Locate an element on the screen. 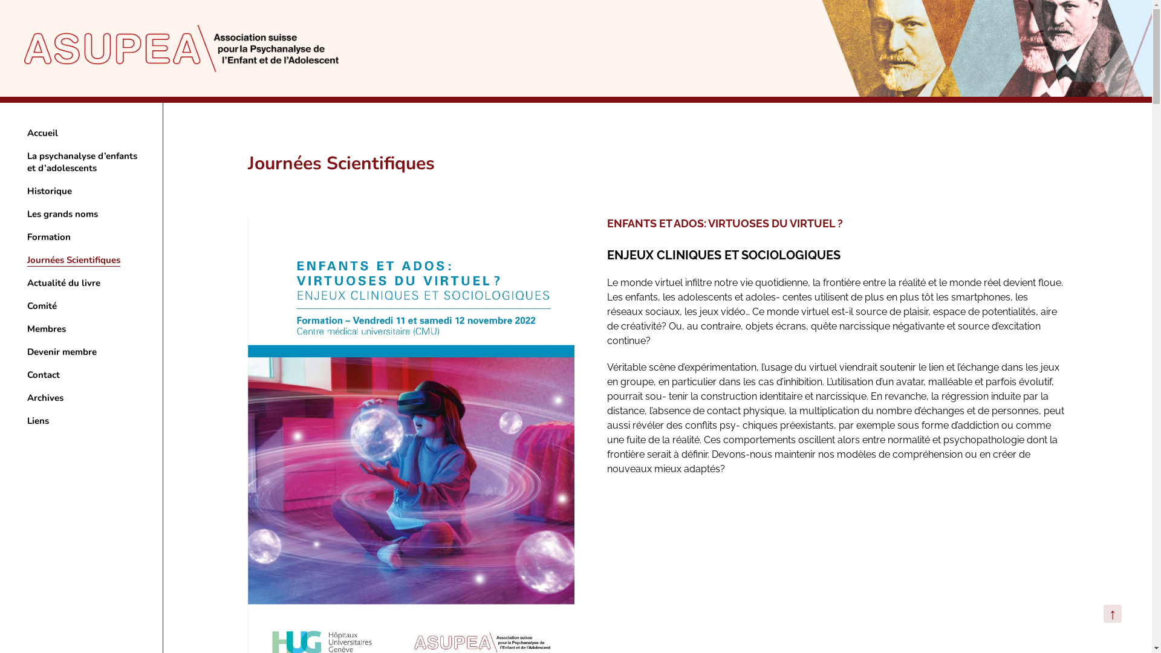 This screenshot has width=1161, height=653. 'Membres' is located at coordinates (27, 328).